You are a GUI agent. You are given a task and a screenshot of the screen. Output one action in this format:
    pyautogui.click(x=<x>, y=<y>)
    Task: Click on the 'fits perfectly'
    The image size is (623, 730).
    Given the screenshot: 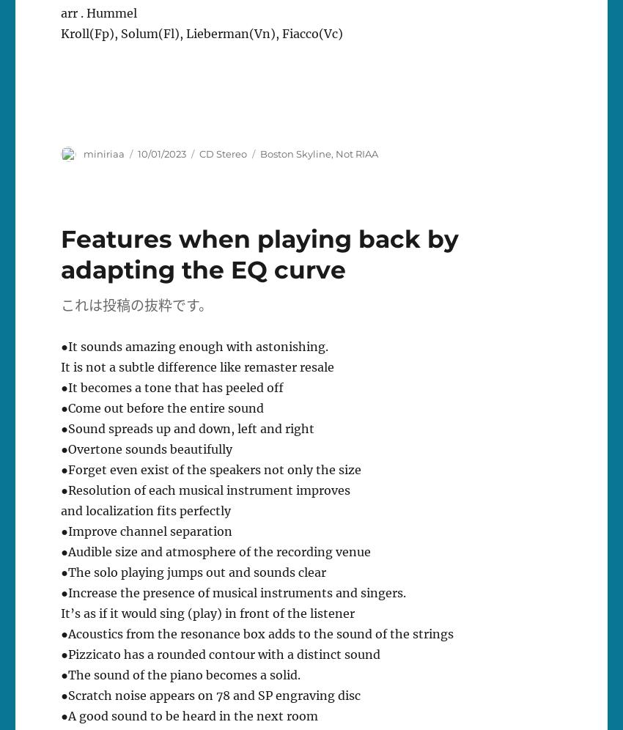 What is the action you would take?
    pyautogui.click(x=191, y=511)
    